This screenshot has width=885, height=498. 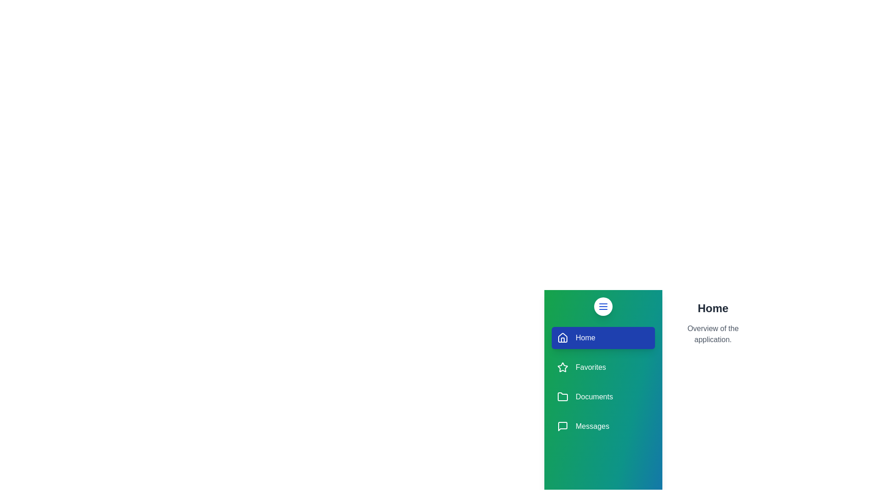 What do you see at coordinates (603, 396) in the screenshot?
I see `the Documents section in the drawer menu to highlight it` at bounding box center [603, 396].